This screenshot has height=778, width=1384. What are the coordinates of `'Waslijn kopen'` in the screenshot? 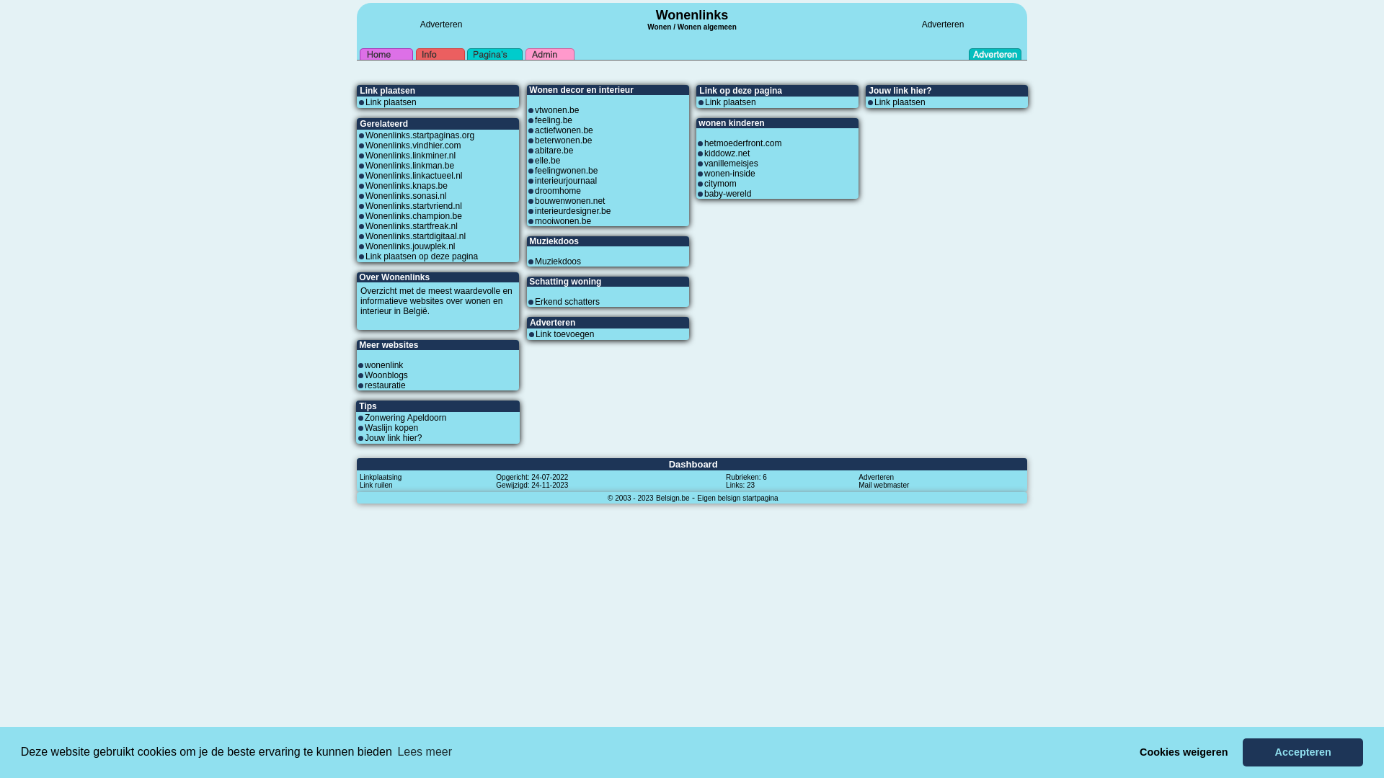 It's located at (391, 427).